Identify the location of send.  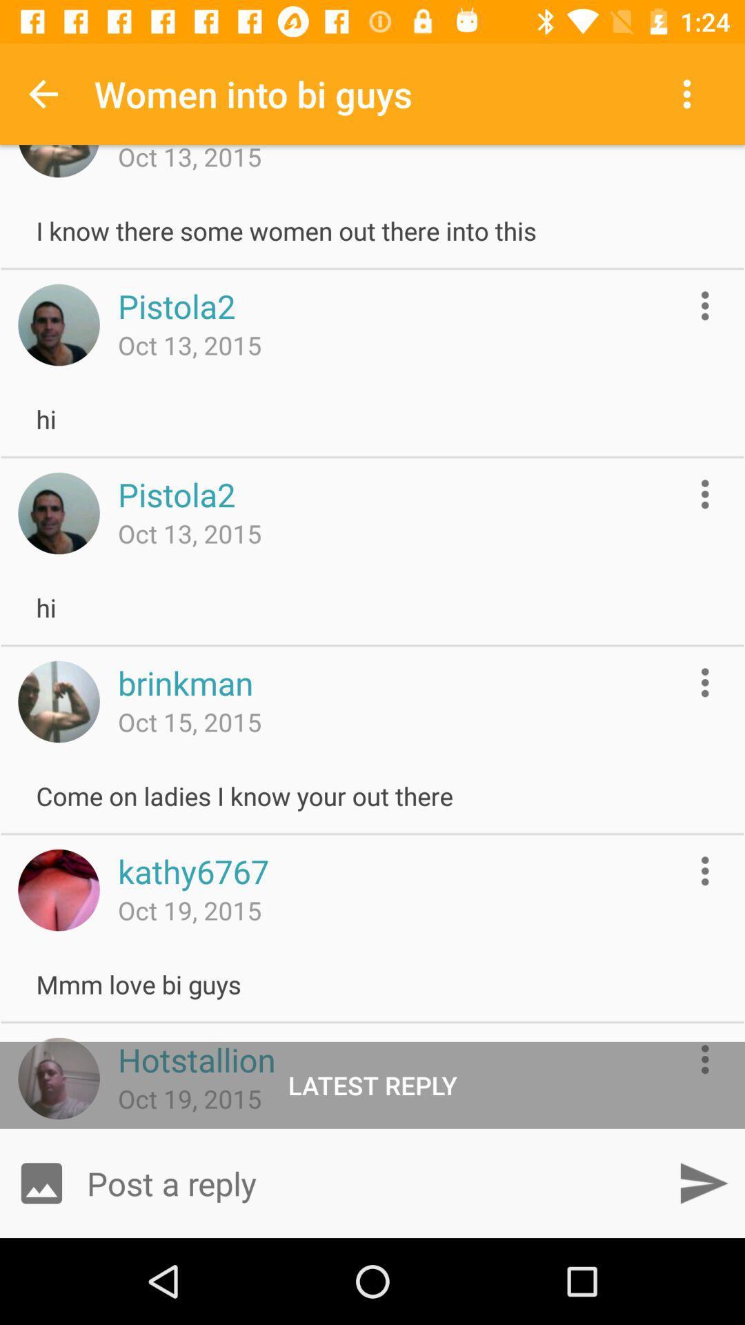
(703, 1182).